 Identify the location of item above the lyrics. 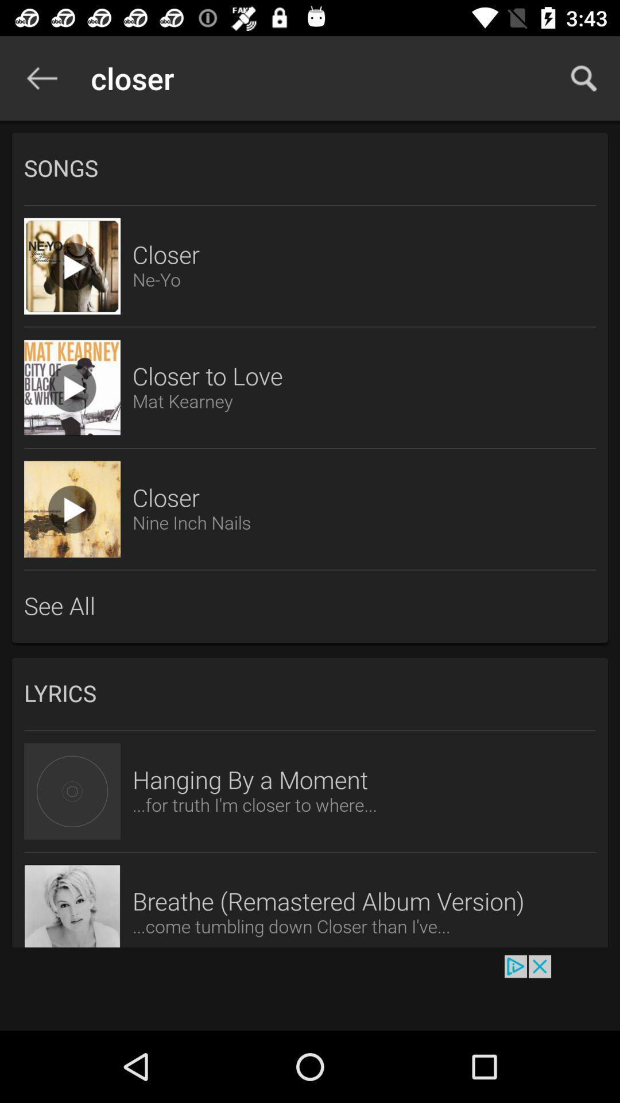
(310, 606).